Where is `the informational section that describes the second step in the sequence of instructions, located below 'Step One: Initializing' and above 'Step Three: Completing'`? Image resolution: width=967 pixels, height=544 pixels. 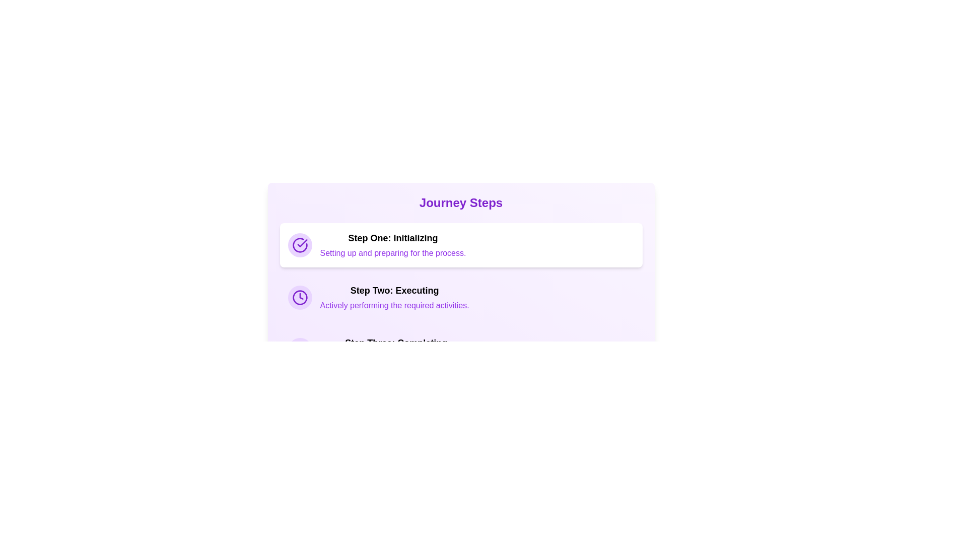 the informational section that describes the second step in the sequence of instructions, located below 'Step One: Initializing' and above 'Step Three: Completing' is located at coordinates (460, 297).